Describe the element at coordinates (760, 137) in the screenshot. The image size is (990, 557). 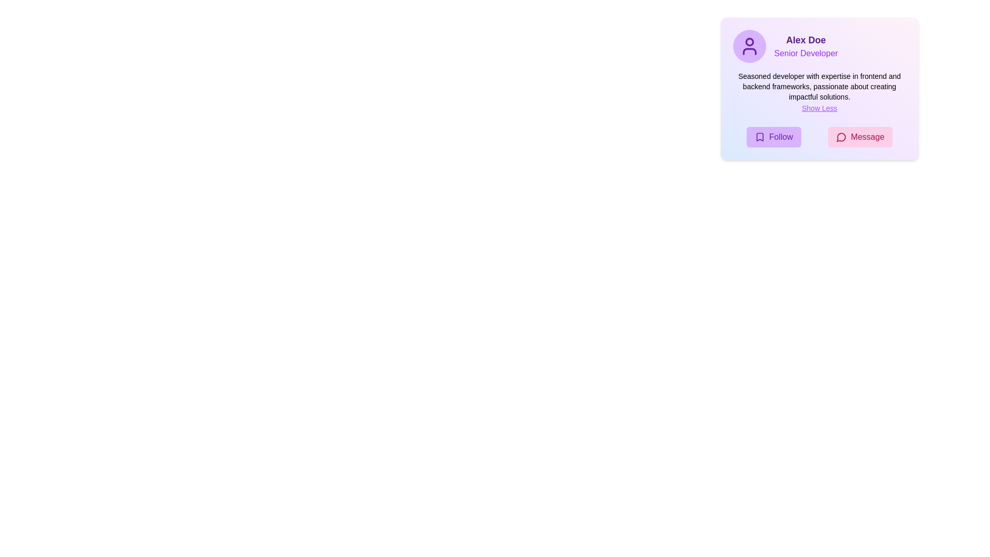
I see `the 'Follow' button, which includes the bookmark symbol icon located immediately to the left of the 'Follow' text` at that location.